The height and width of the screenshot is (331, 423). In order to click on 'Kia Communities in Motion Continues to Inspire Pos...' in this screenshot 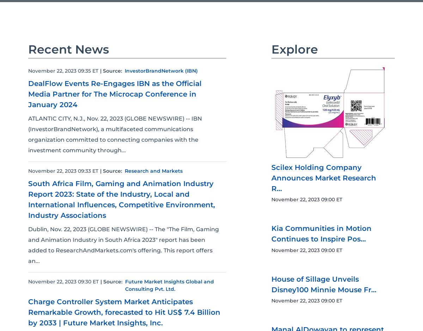, I will do `click(321, 300)`.